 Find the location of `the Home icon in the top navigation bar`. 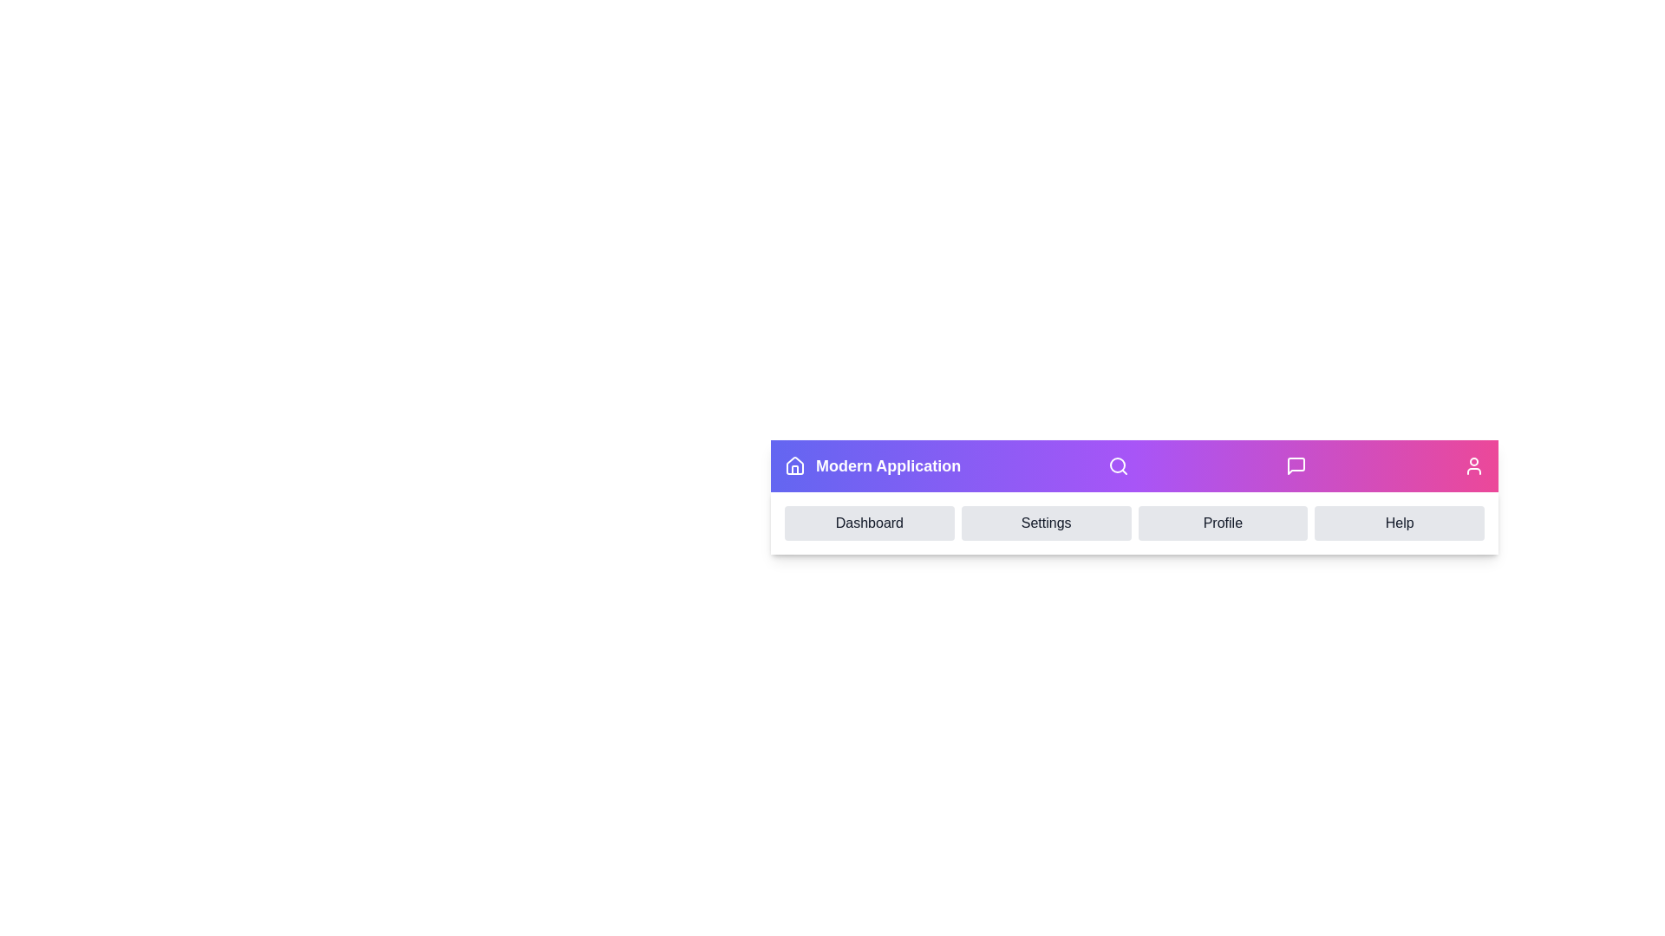

the Home icon in the top navigation bar is located at coordinates (793, 465).